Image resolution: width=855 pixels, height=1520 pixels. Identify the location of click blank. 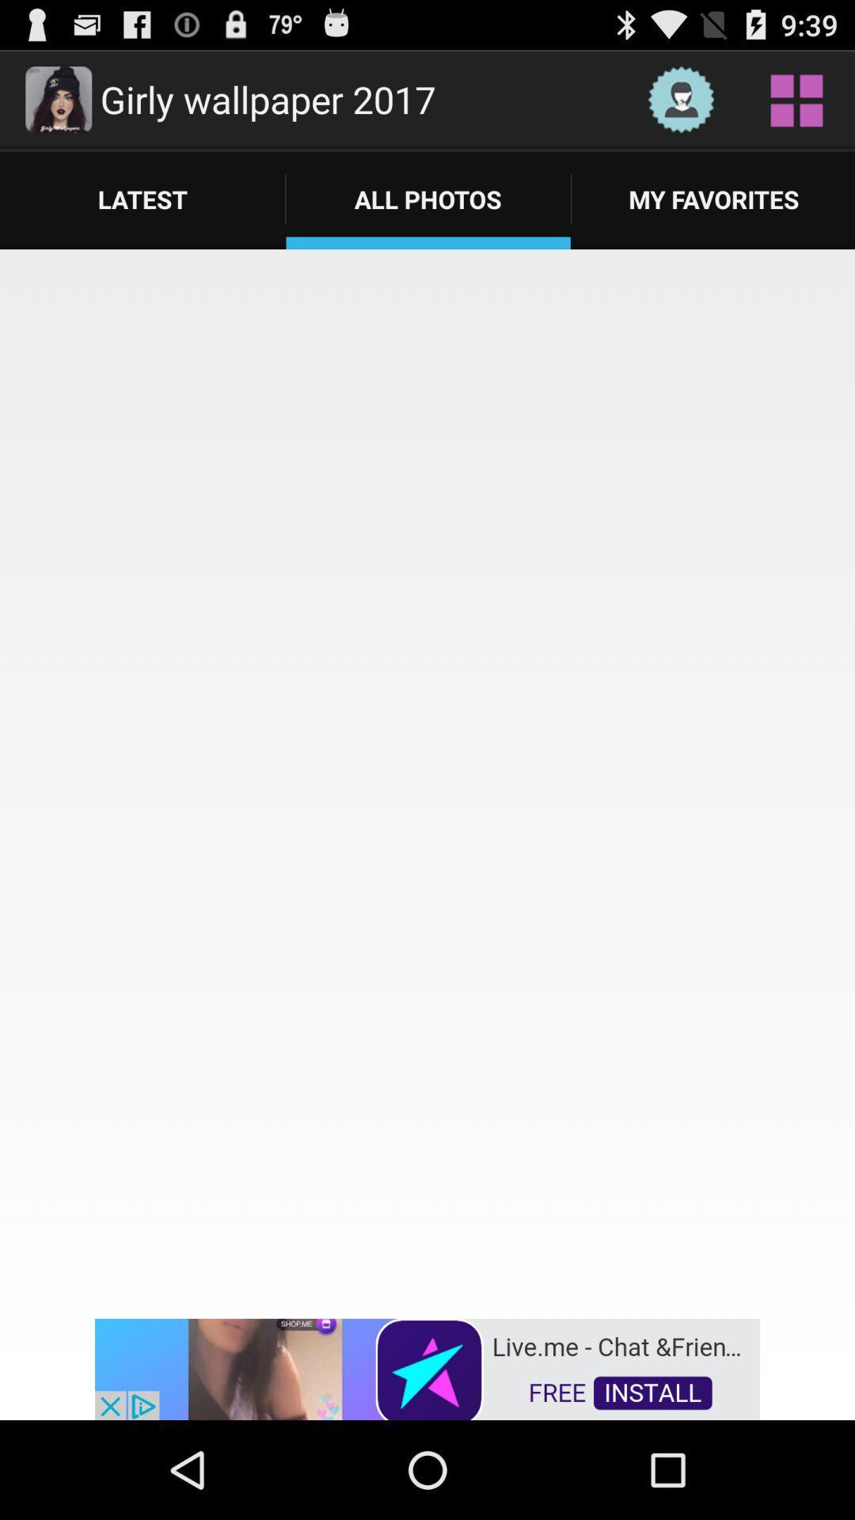
(427, 782).